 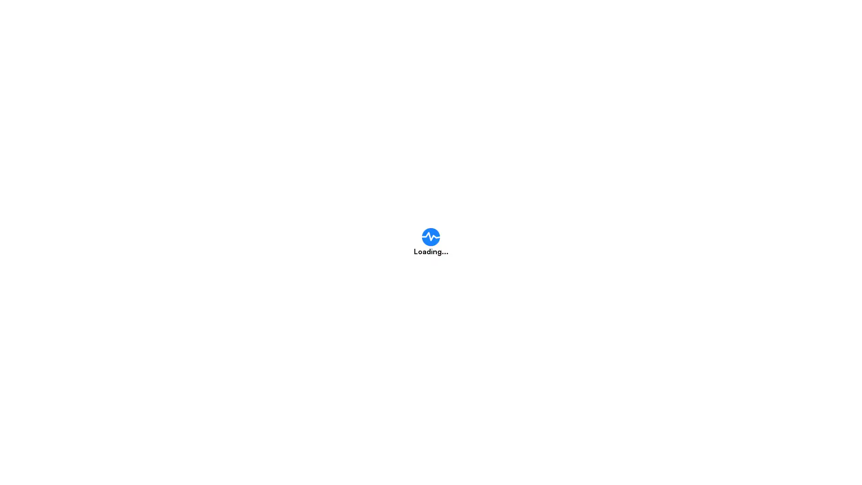 What do you see at coordinates (437, 291) in the screenshot?
I see `Got it` at bounding box center [437, 291].